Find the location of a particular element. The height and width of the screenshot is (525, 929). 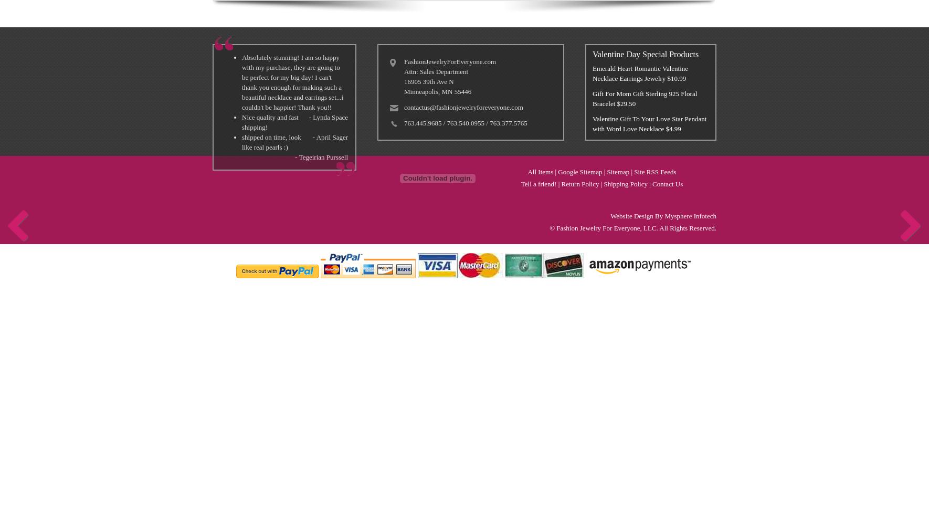

'Google Sitemap' is located at coordinates (580, 171).